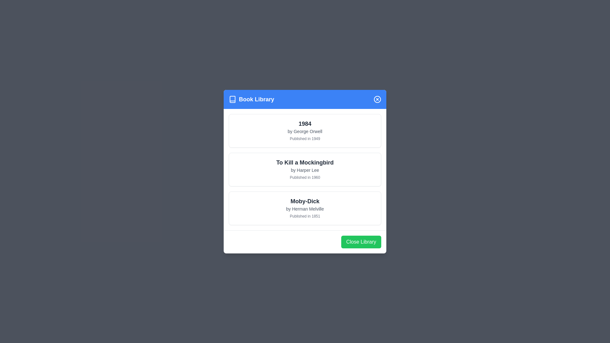 The width and height of the screenshot is (610, 343). What do you see at coordinates (361, 242) in the screenshot?
I see `the 'Close Library' button to close the dialog` at bounding box center [361, 242].